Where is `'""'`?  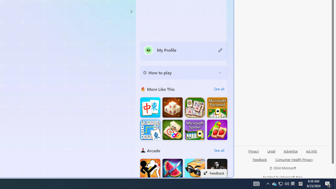 '""' is located at coordinates (148, 50).